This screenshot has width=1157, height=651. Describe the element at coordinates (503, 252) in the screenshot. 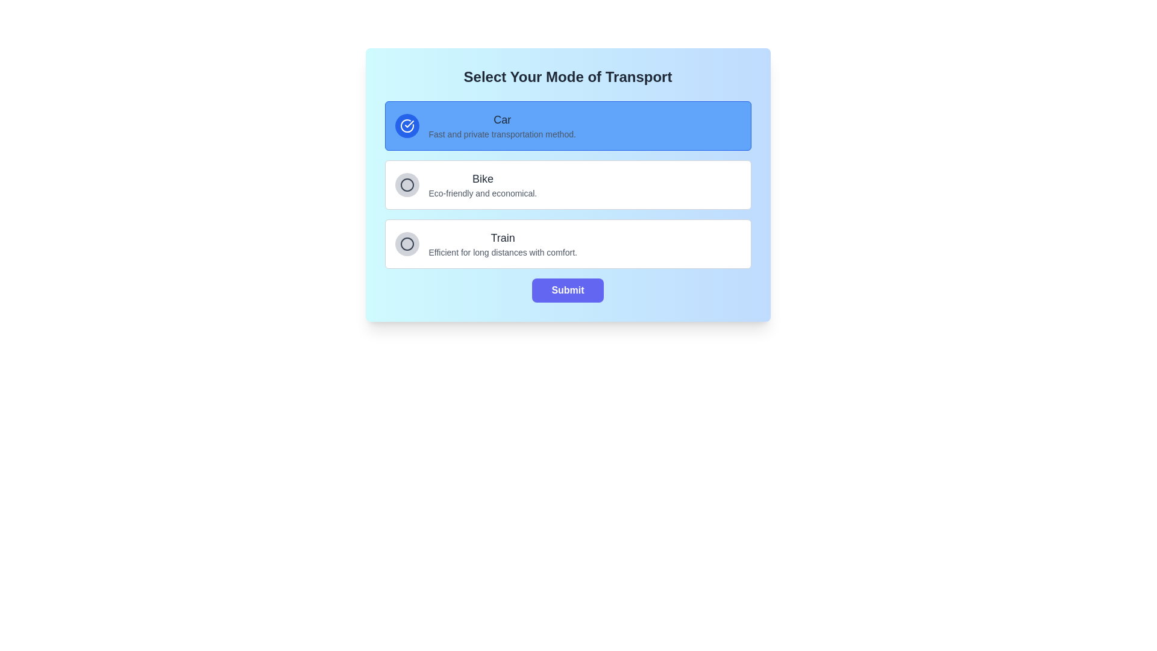

I see `the static text that reads 'Efficient for long distances with comfort.' located below the 'Train' label in the 'Select Your Mode of Transport' interface` at that location.